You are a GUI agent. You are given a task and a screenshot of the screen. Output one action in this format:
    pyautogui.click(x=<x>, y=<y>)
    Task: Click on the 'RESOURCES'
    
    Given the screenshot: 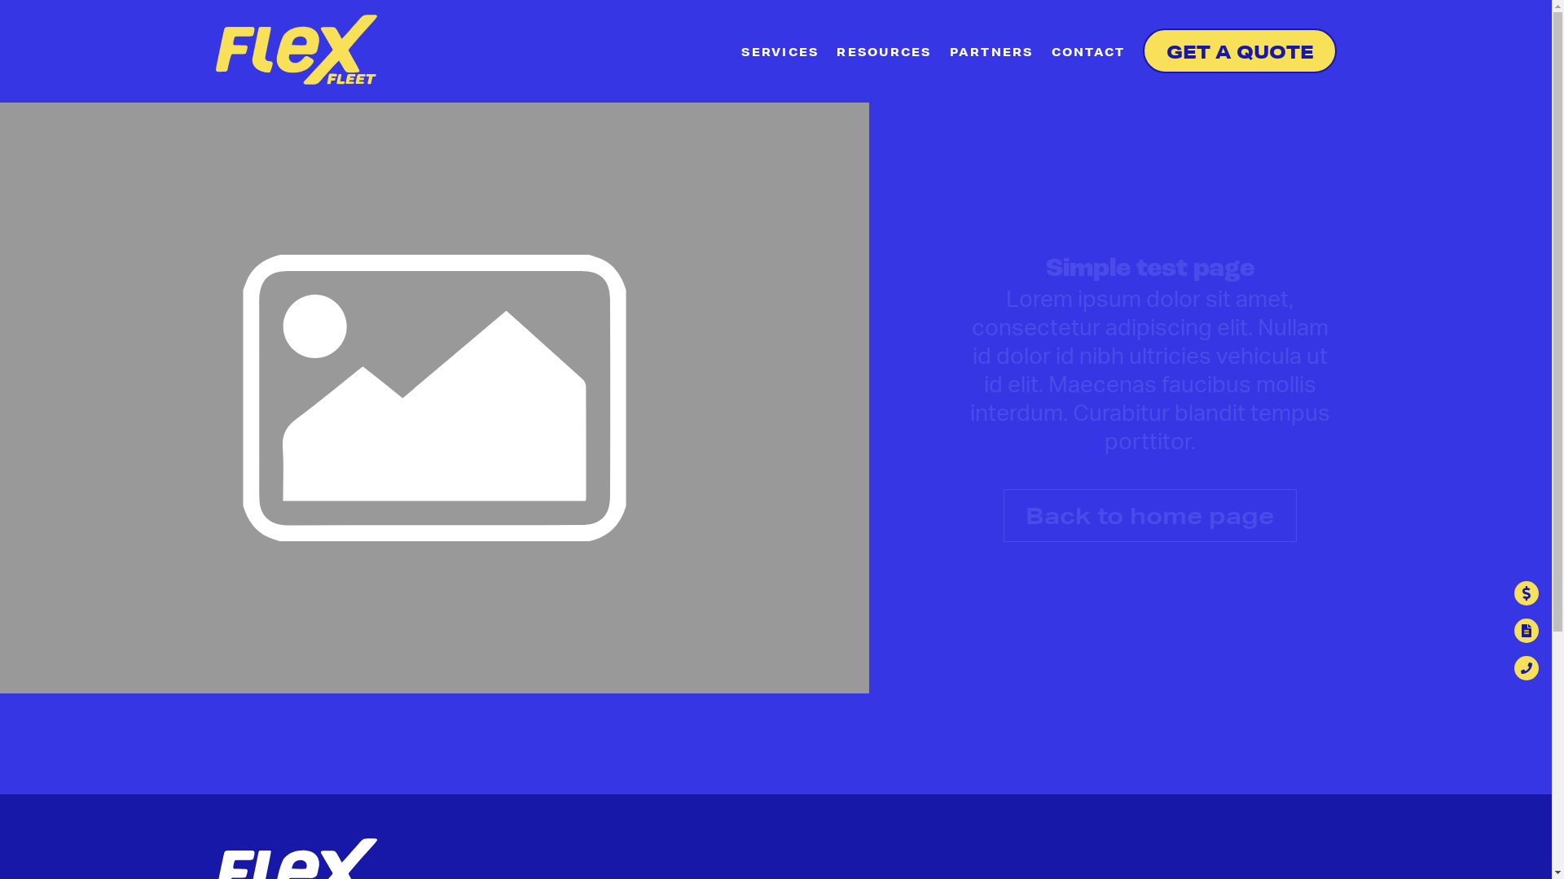 What is the action you would take?
    pyautogui.click(x=882, y=52)
    